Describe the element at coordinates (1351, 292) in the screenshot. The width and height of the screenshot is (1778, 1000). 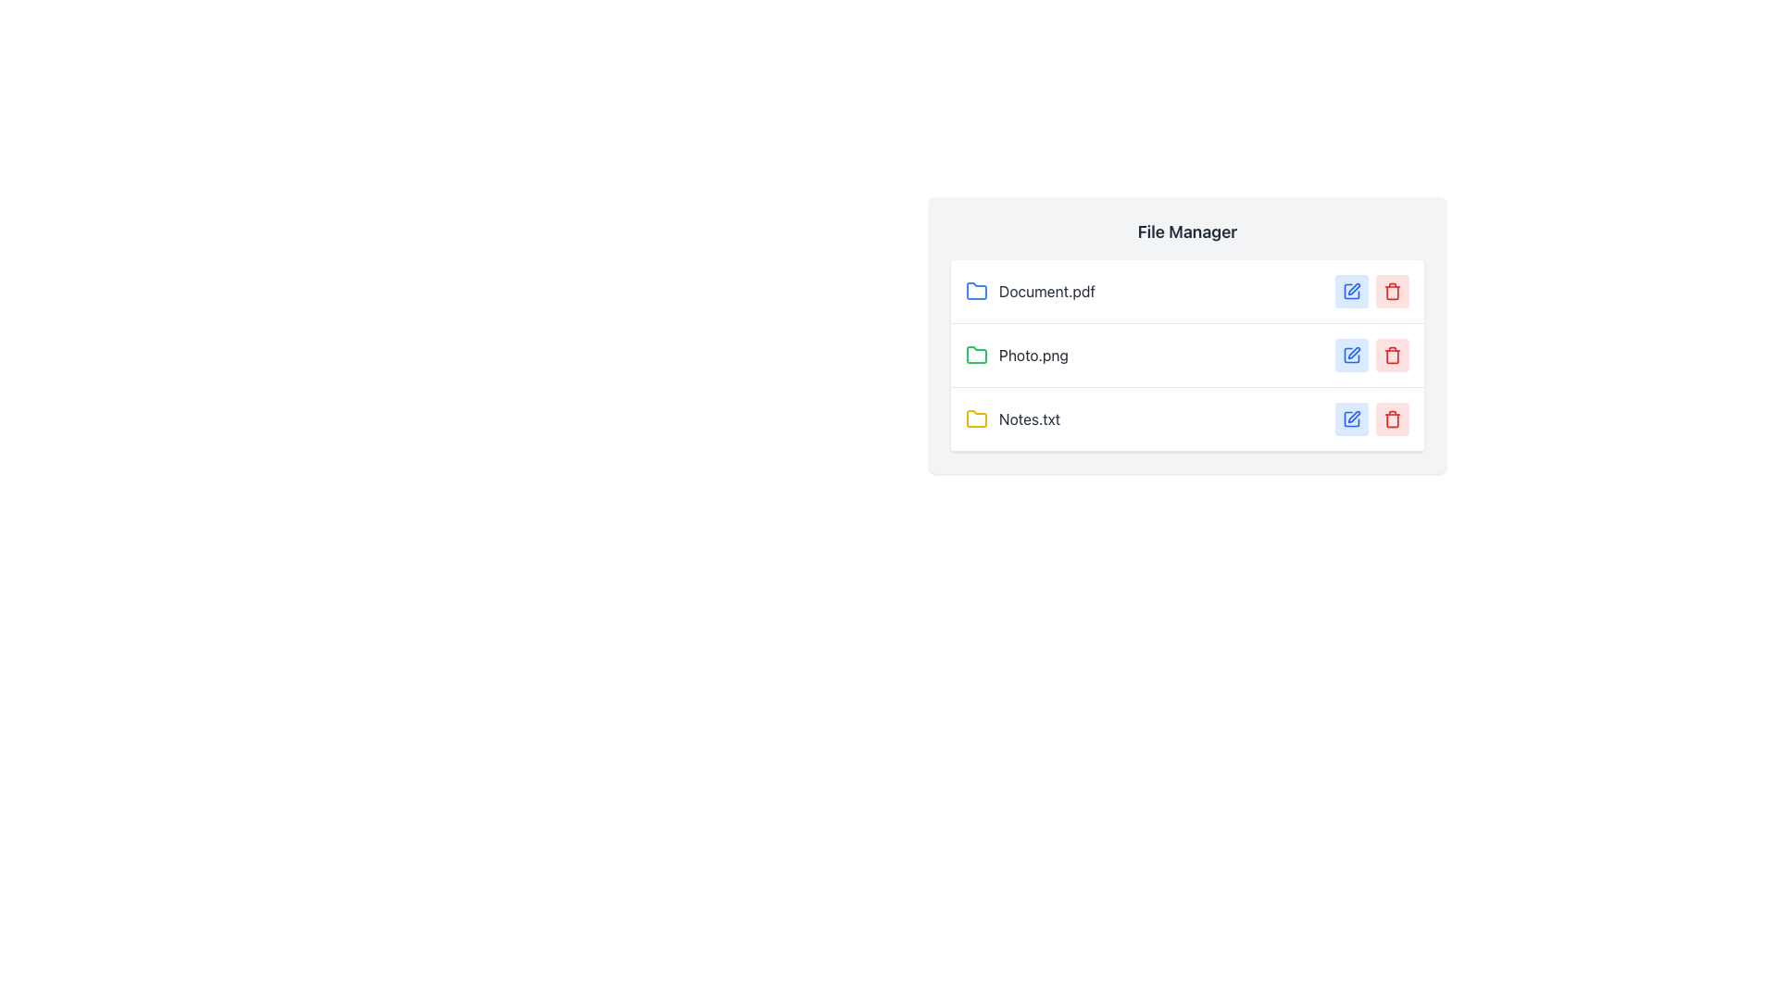
I see `the edit icon button located to the right of the 'Document.pdf' row in the file manager interface` at that location.